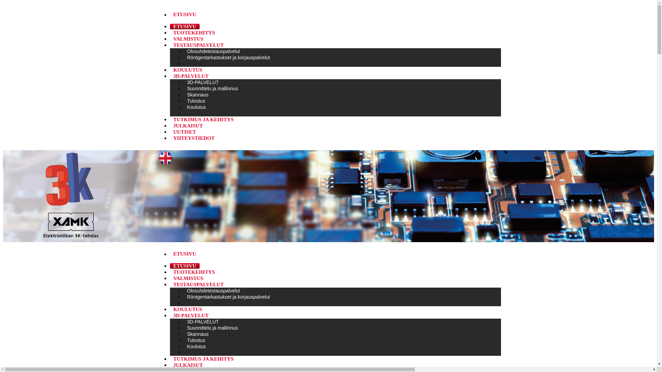 This screenshot has width=662, height=372. I want to click on 'Skannaus', so click(197, 94).